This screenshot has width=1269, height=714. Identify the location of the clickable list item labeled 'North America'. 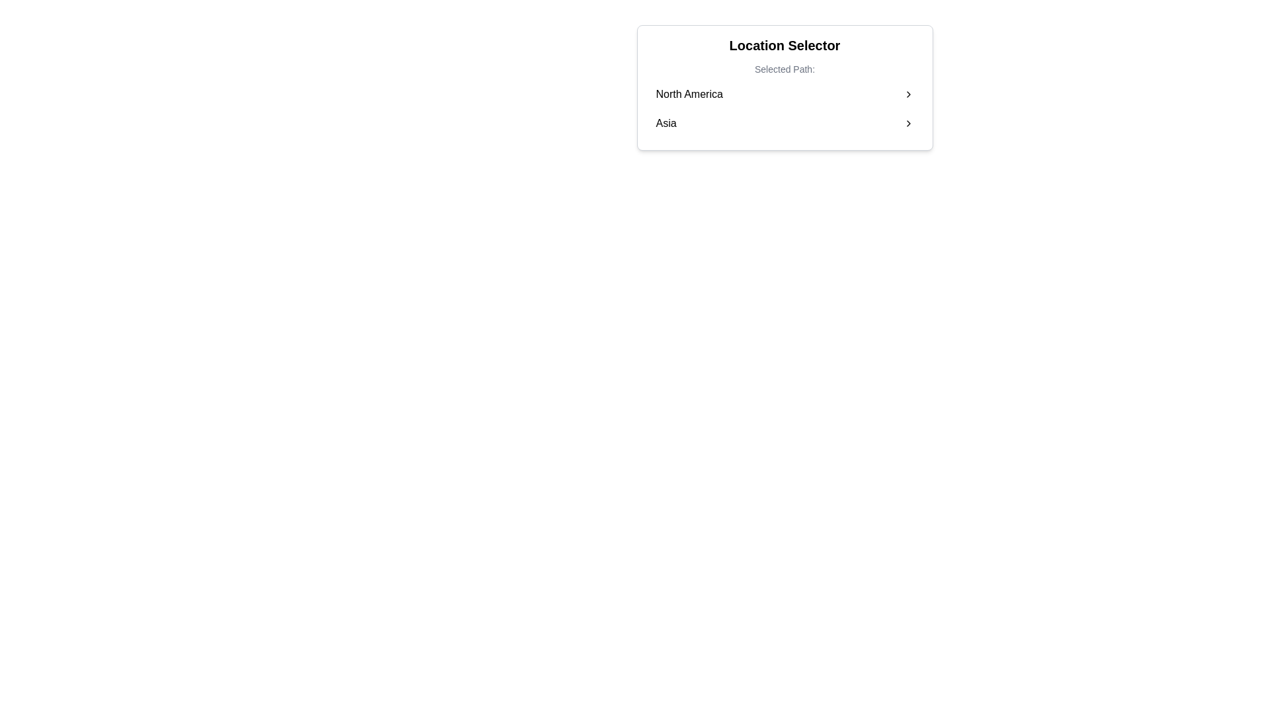
(785, 93).